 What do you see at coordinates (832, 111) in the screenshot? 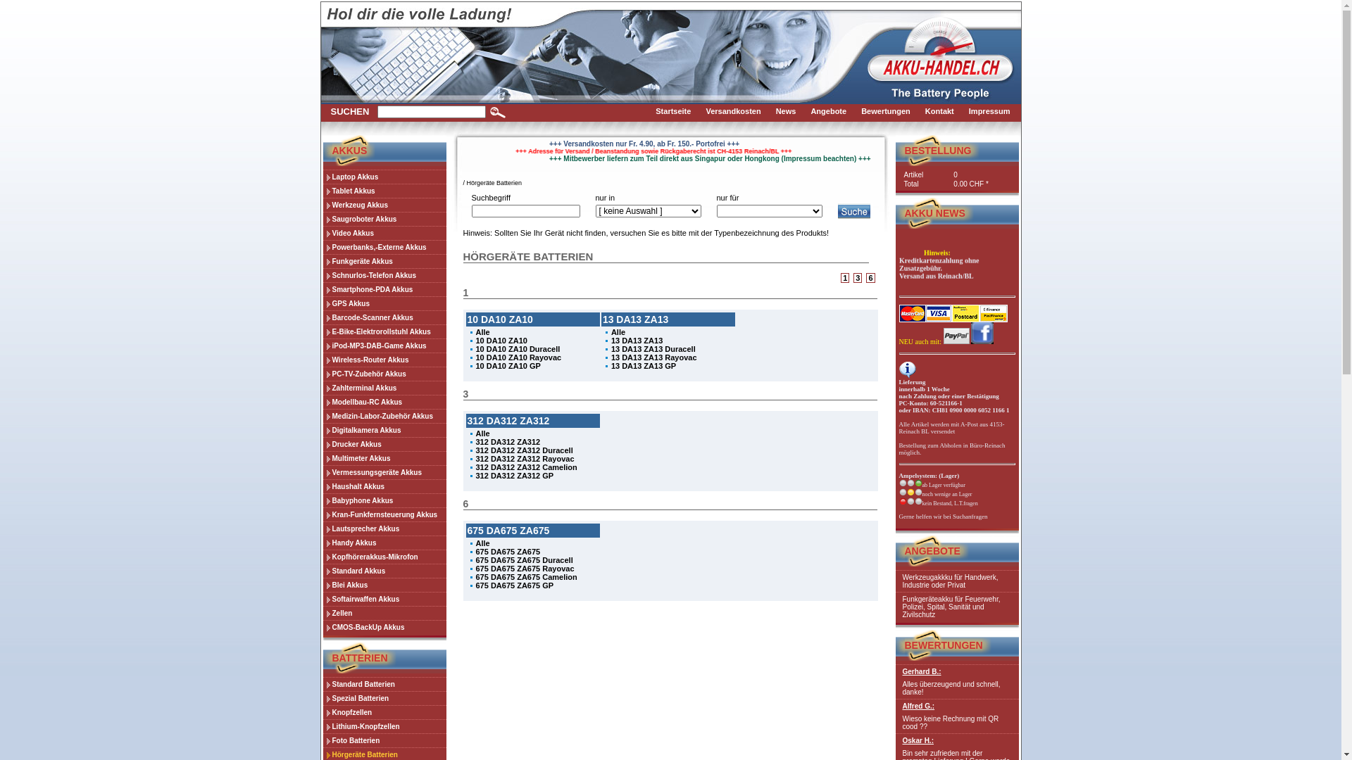
I see `'Angebote'` at bounding box center [832, 111].